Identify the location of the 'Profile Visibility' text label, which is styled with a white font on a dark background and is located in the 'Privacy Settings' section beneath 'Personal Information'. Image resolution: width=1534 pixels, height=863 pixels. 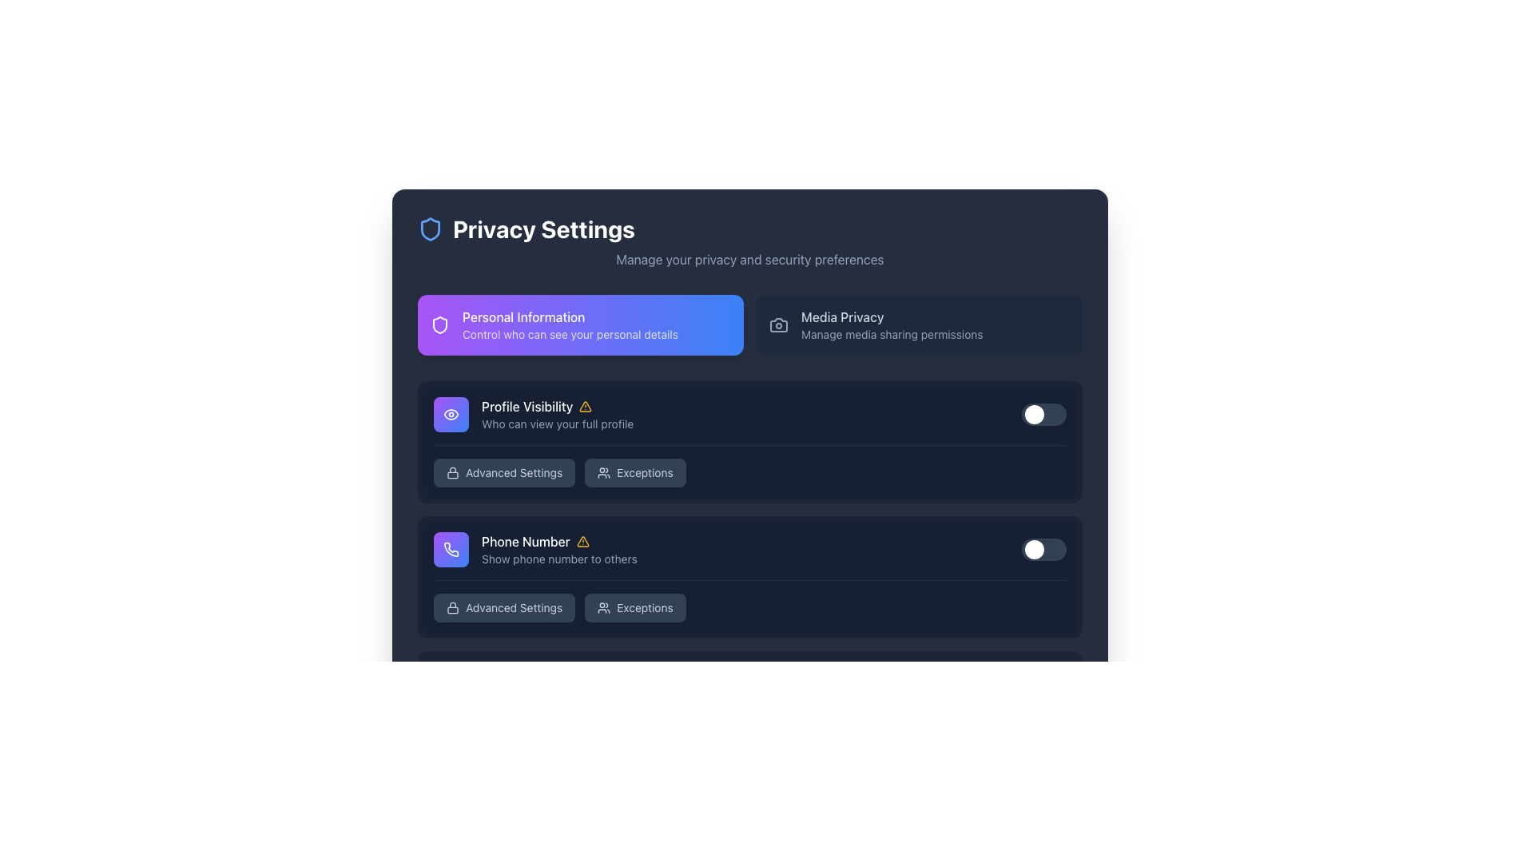
(558, 406).